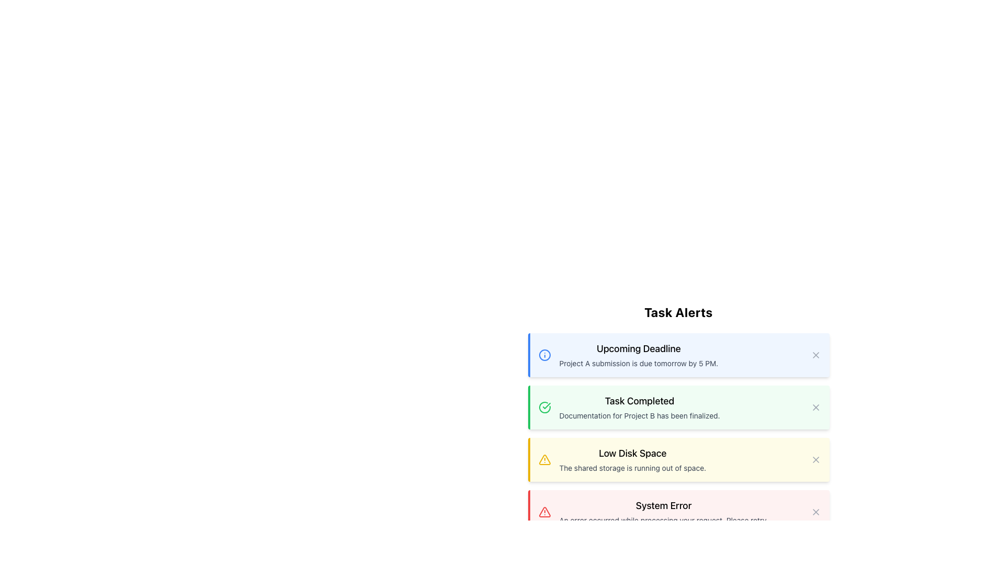 This screenshot has height=565, width=1005. I want to click on the Notification Panel with a light blue background, which has a bold header 'Upcoming Deadline' and is the first notification in the list of notifications, so click(678, 354).